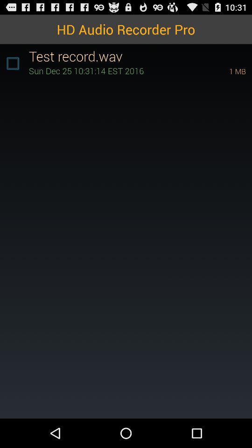 The width and height of the screenshot is (252, 448). What do you see at coordinates (12, 63) in the screenshot?
I see `option` at bounding box center [12, 63].